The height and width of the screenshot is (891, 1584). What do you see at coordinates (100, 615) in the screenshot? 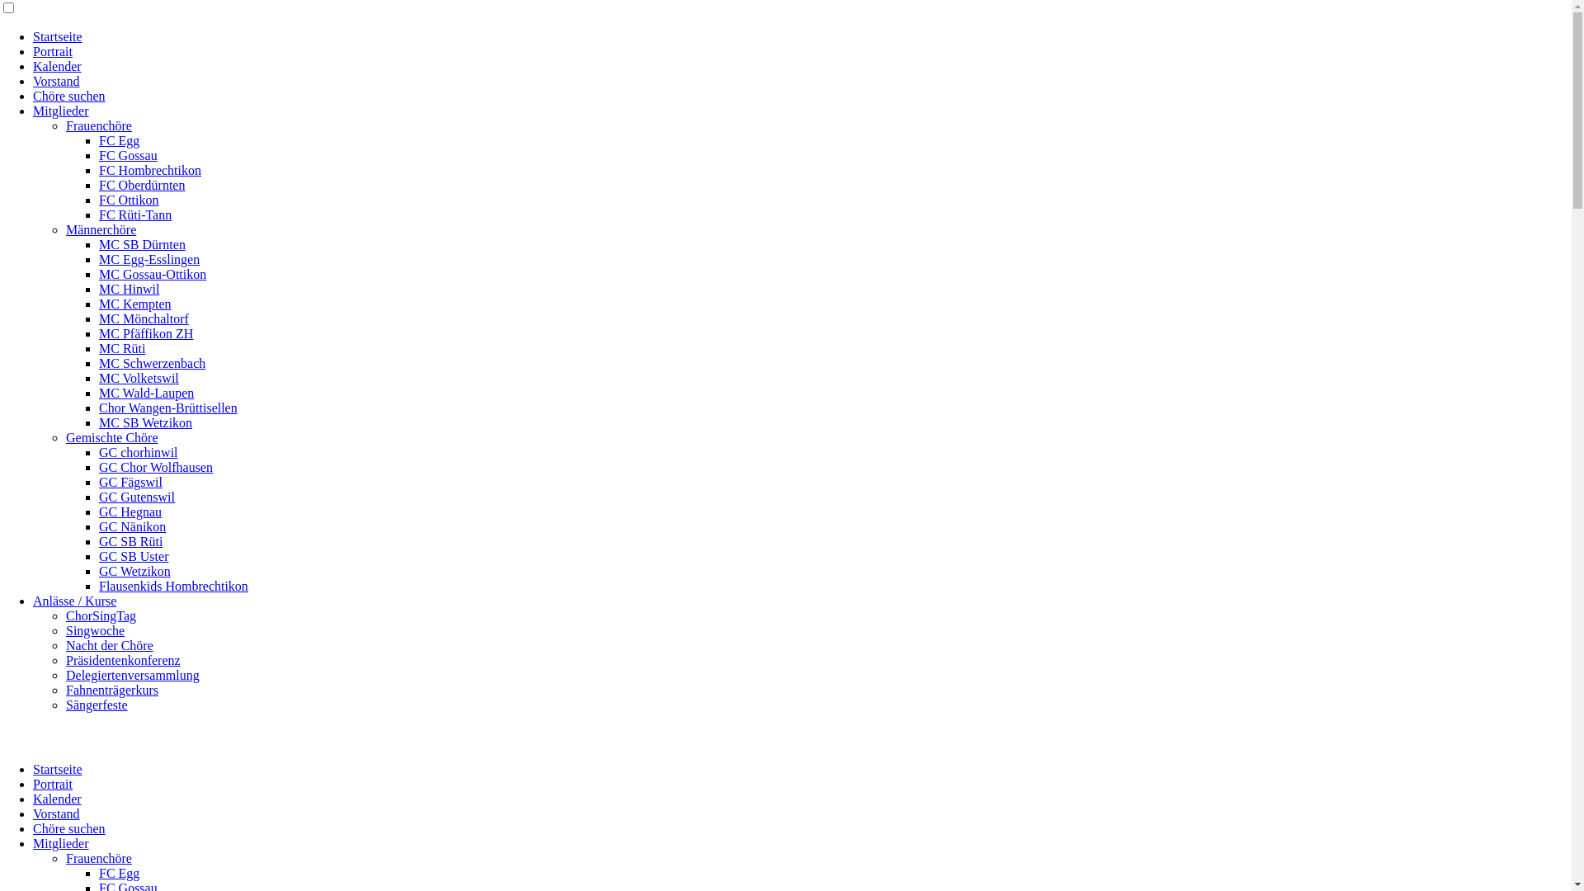
I see `'ChorSingTag'` at bounding box center [100, 615].